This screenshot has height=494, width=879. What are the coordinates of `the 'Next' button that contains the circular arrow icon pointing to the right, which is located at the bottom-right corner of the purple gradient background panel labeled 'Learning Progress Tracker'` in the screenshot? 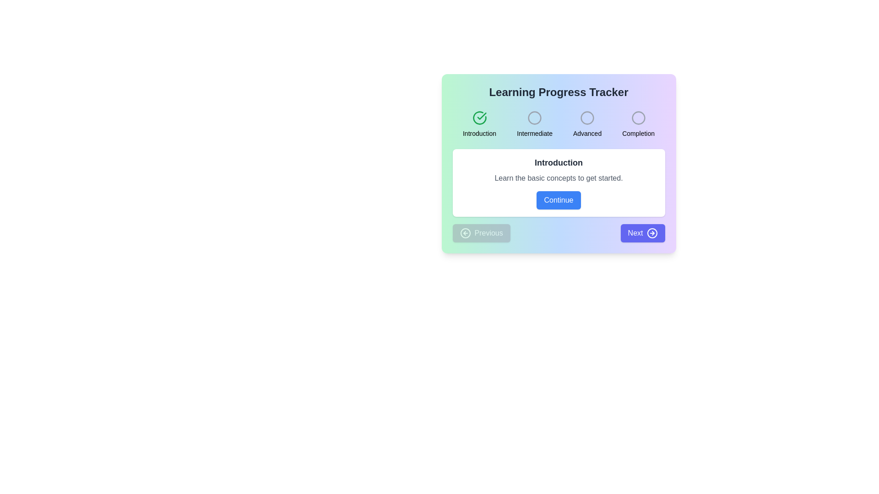 It's located at (651, 232).